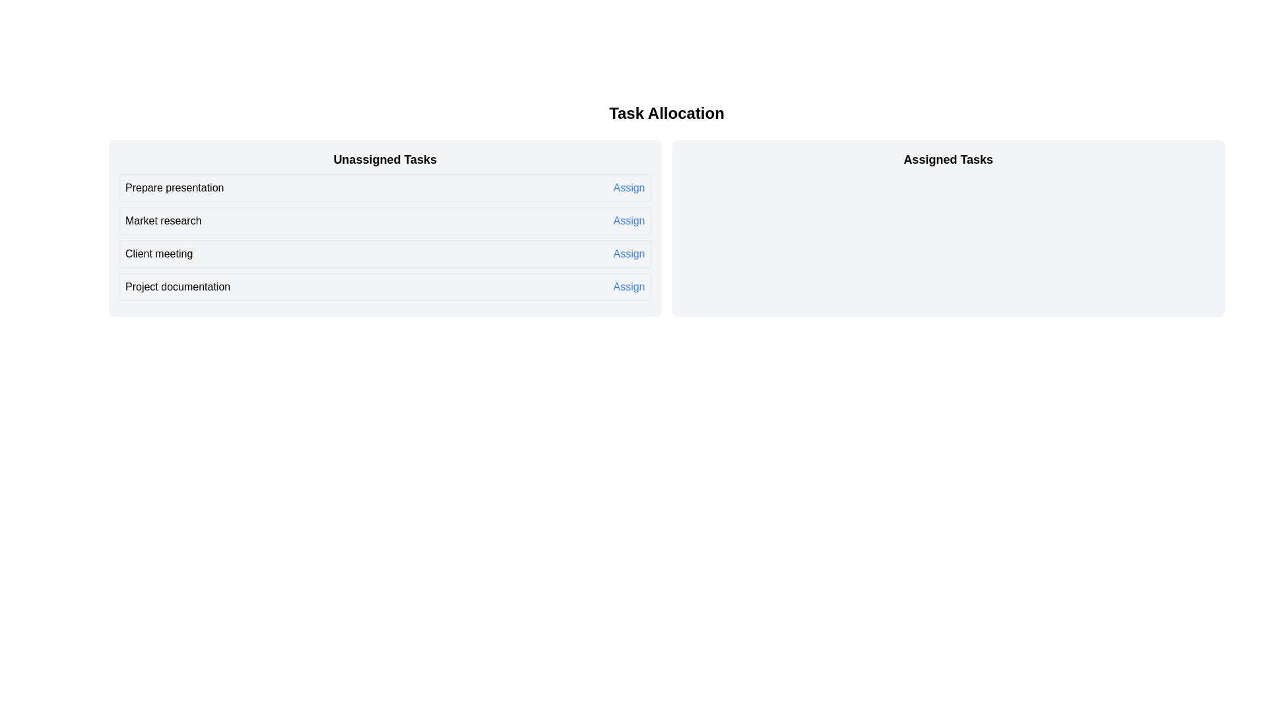 The height and width of the screenshot is (713, 1267). What do you see at coordinates (628, 221) in the screenshot?
I see `the 'Assign' button next to the 'Market research' task in the 'Unassigned Tasks' section to initiate the assignment action` at bounding box center [628, 221].